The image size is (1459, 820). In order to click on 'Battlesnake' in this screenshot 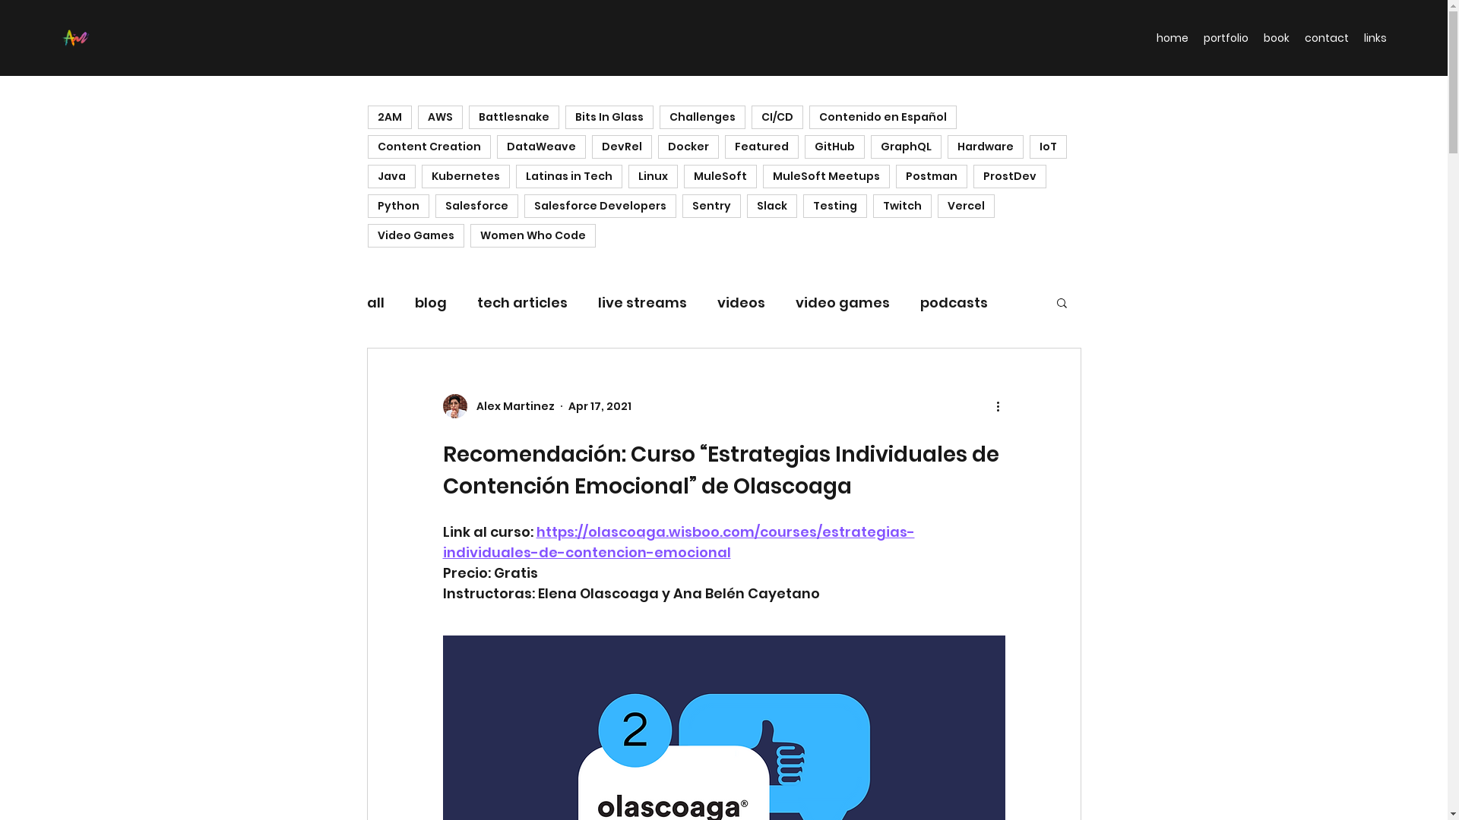, I will do `click(467, 116)`.